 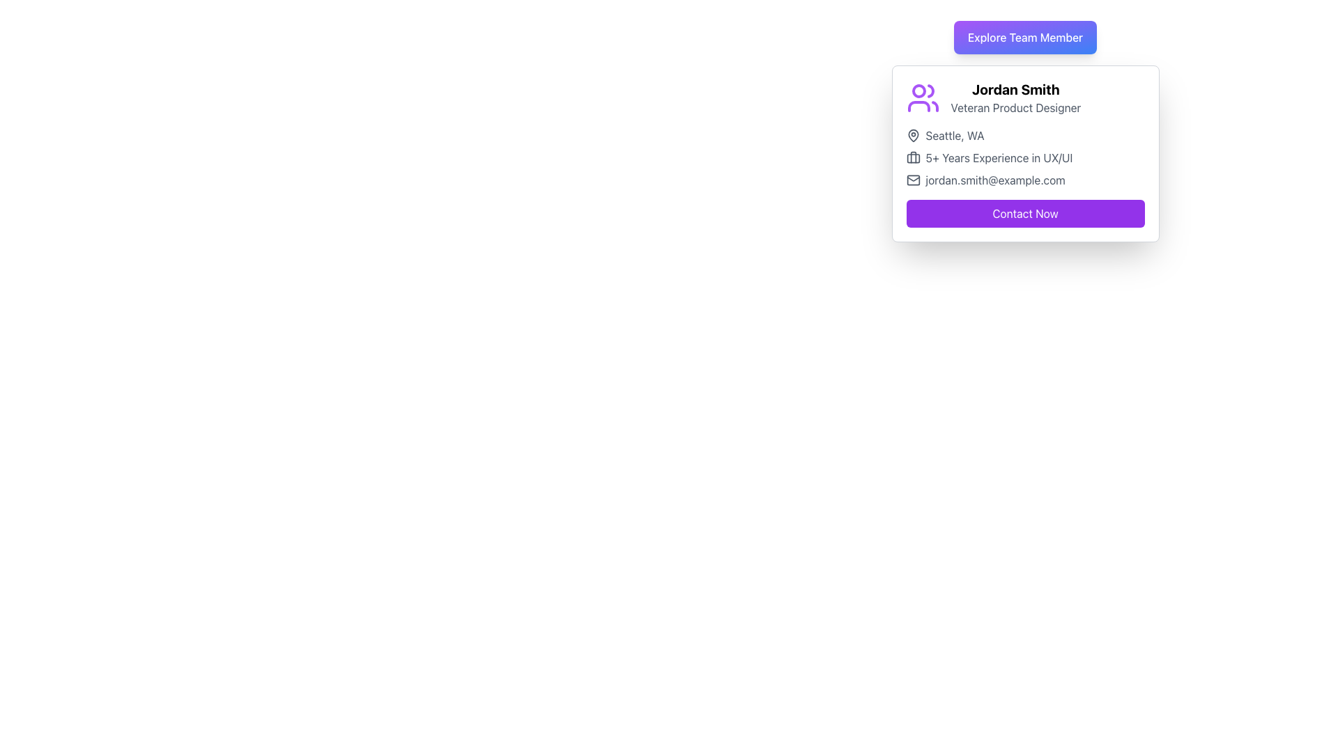 I want to click on the map pin icon located at the top-left side of the card for Jordan Smith, positioned before the text 'Seattle, WA', so click(x=913, y=136).